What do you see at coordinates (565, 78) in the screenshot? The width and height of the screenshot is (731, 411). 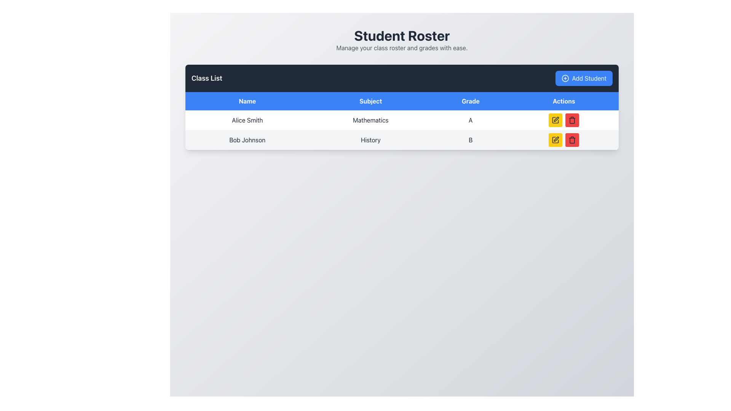 I see `the addition icon located inside the 'Add Student' button in the top-right corner of the interface` at bounding box center [565, 78].